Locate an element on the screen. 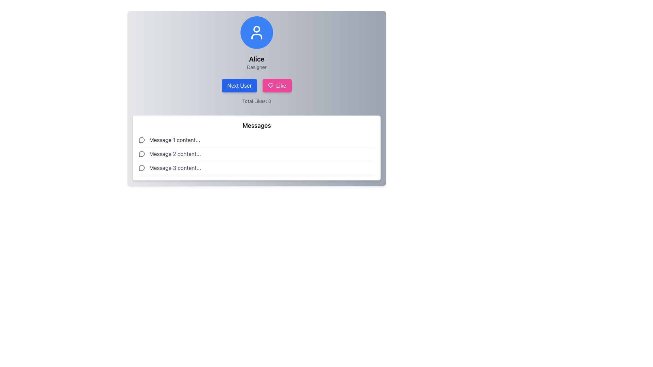  text content of the Text Label displaying a summary of a message item, located on the third row of the 'Messages' section is located at coordinates (175, 168).